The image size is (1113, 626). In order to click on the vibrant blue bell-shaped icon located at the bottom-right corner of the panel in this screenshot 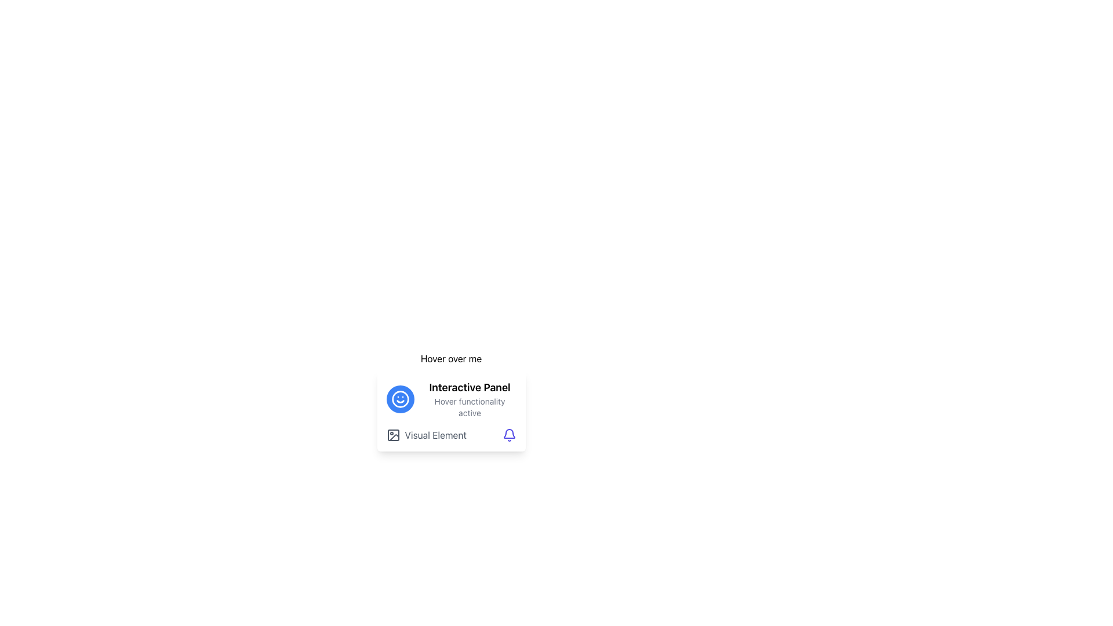, I will do `click(509, 435)`.